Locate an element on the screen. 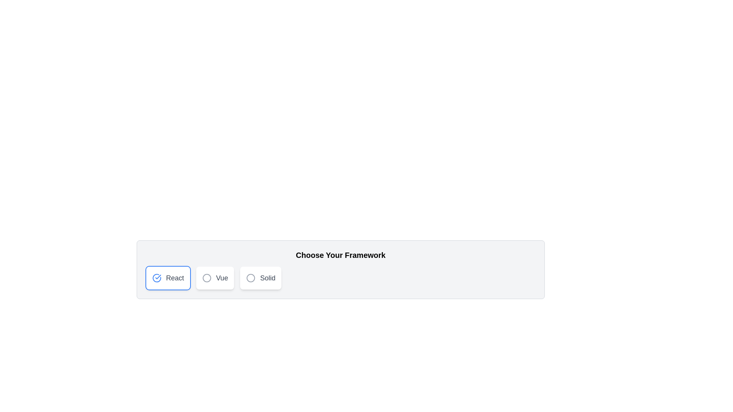  the 'React' button, which is a rectangular component with a white background and a blue checkmark icon is located at coordinates (168, 278).